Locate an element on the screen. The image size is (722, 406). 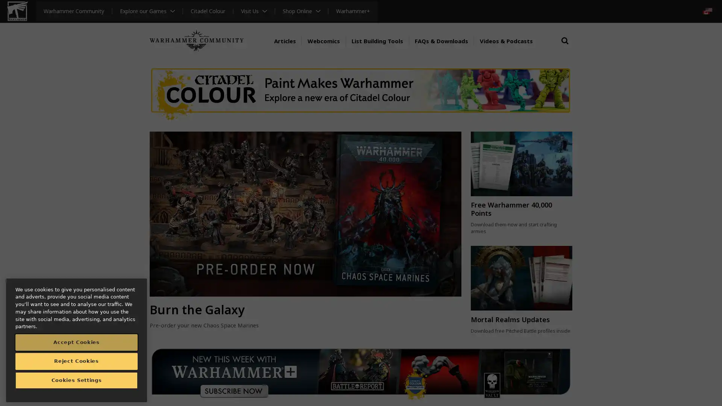
Cookies Settings is located at coordinates (76, 380).